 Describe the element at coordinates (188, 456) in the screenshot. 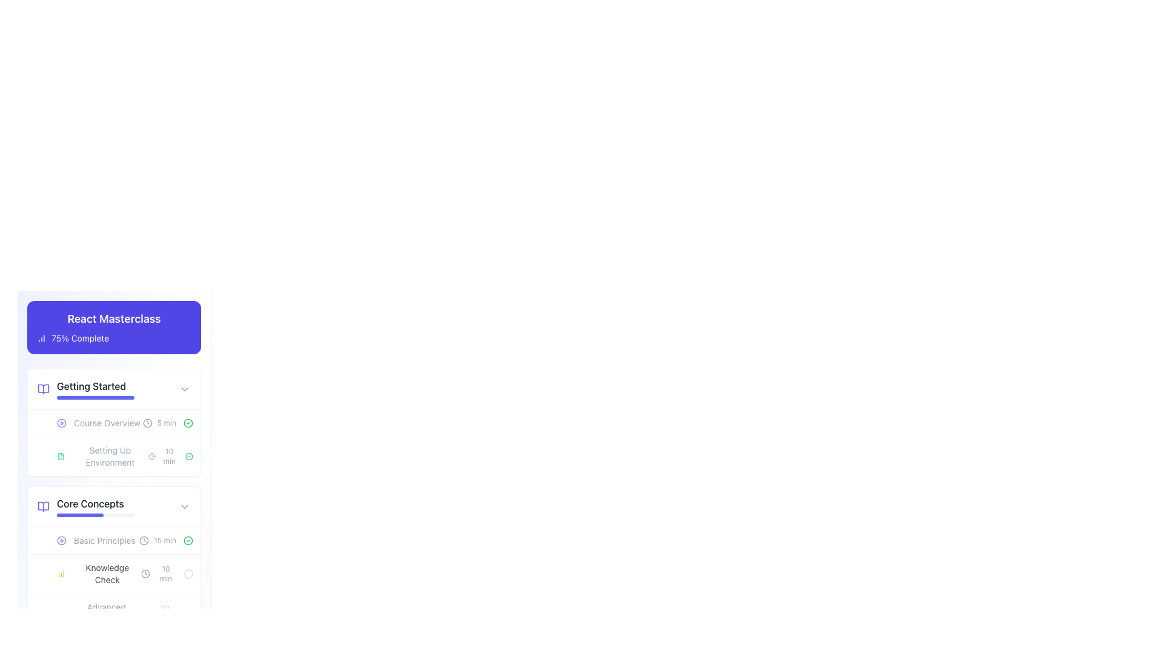

I see `the Circular icon that represents a state of completion or confirmation in the 'Setting Up Environment' section, located to the right of the label and time indicator` at that location.